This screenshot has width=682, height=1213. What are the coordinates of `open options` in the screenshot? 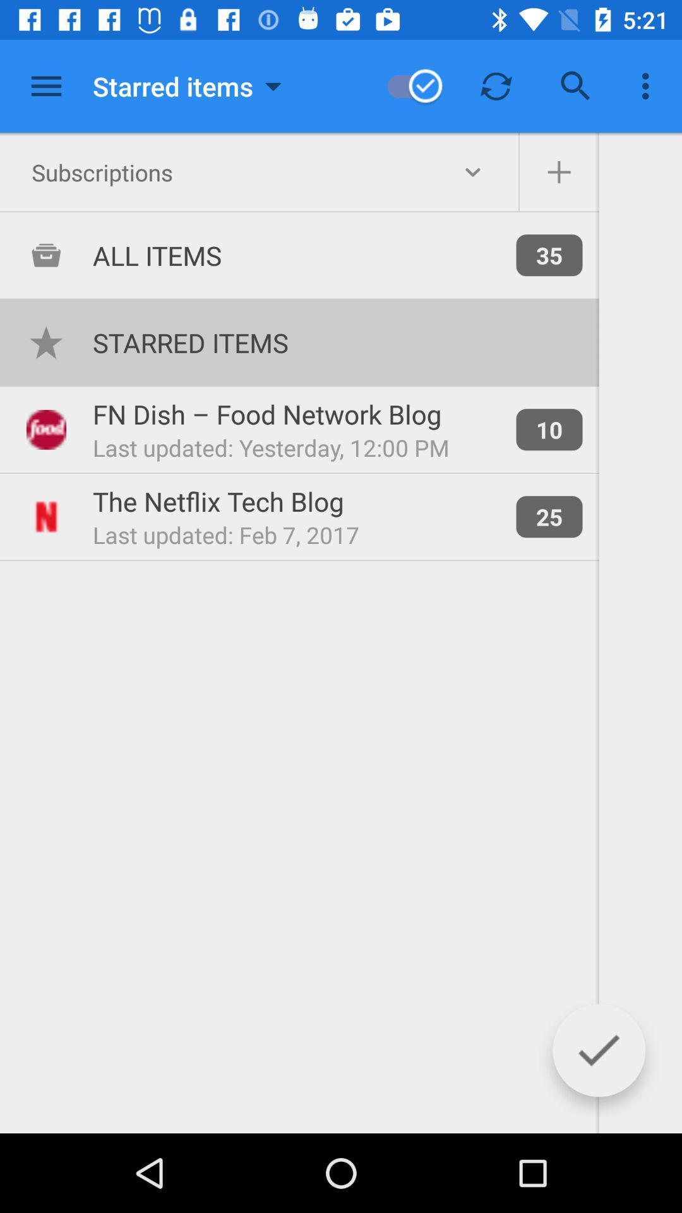 It's located at (45, 85).